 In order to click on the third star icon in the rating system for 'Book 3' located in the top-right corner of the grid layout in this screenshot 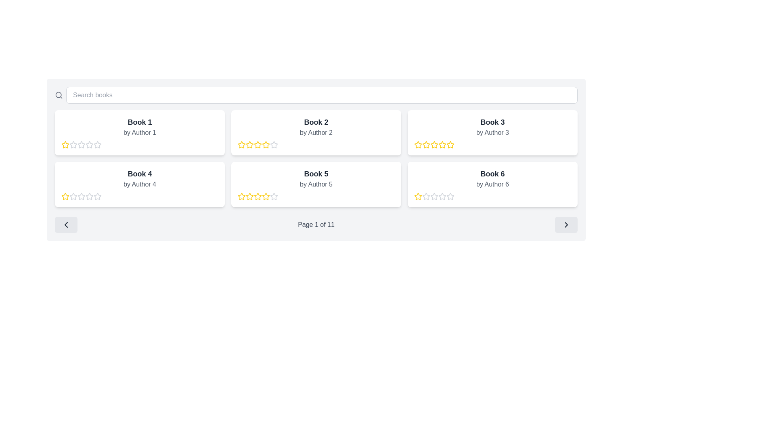, I will do `click(426, 144)`.